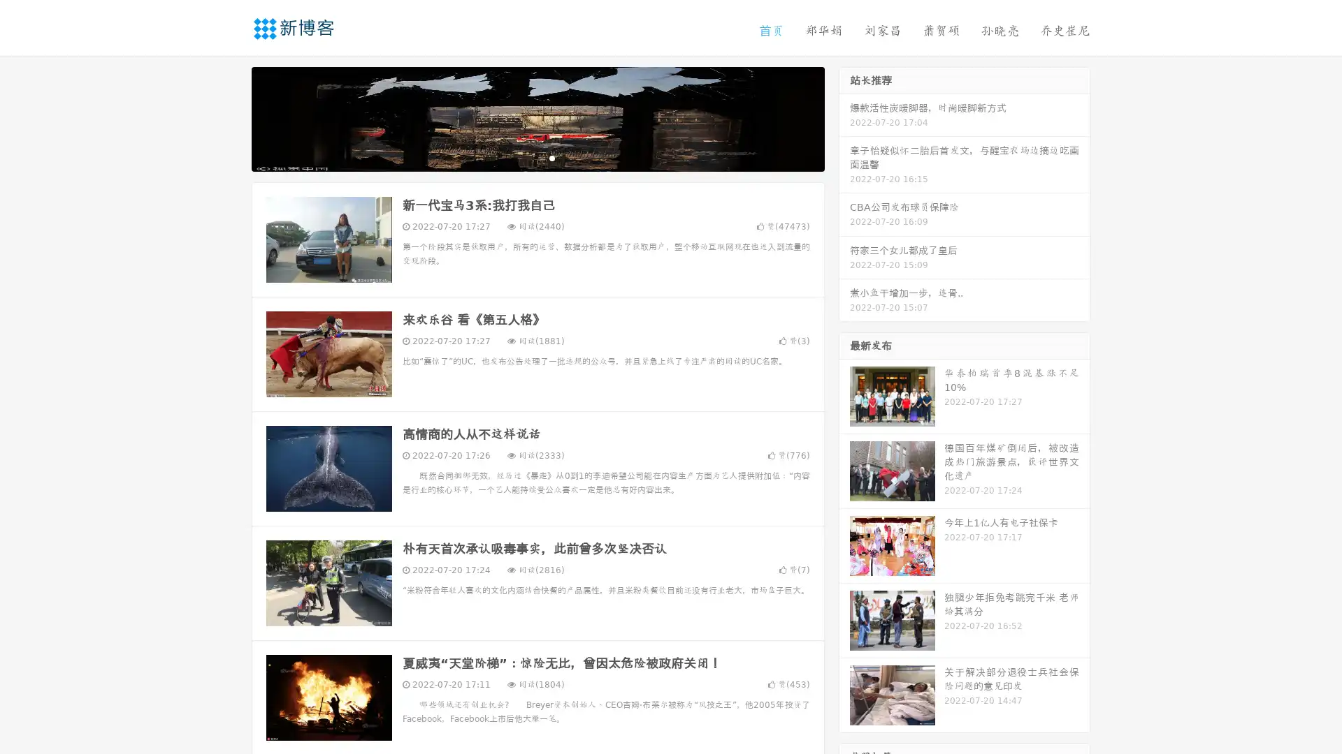 Image resolution: width=1342 pixels, height=754 pixels. I want to click on Go to slide 2, so click(537, 157).